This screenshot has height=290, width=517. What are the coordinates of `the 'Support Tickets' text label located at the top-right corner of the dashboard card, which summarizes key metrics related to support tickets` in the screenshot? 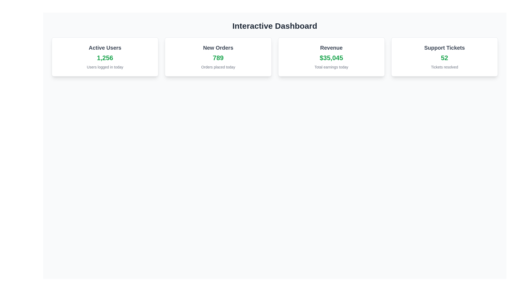 It's located at (444, 47).